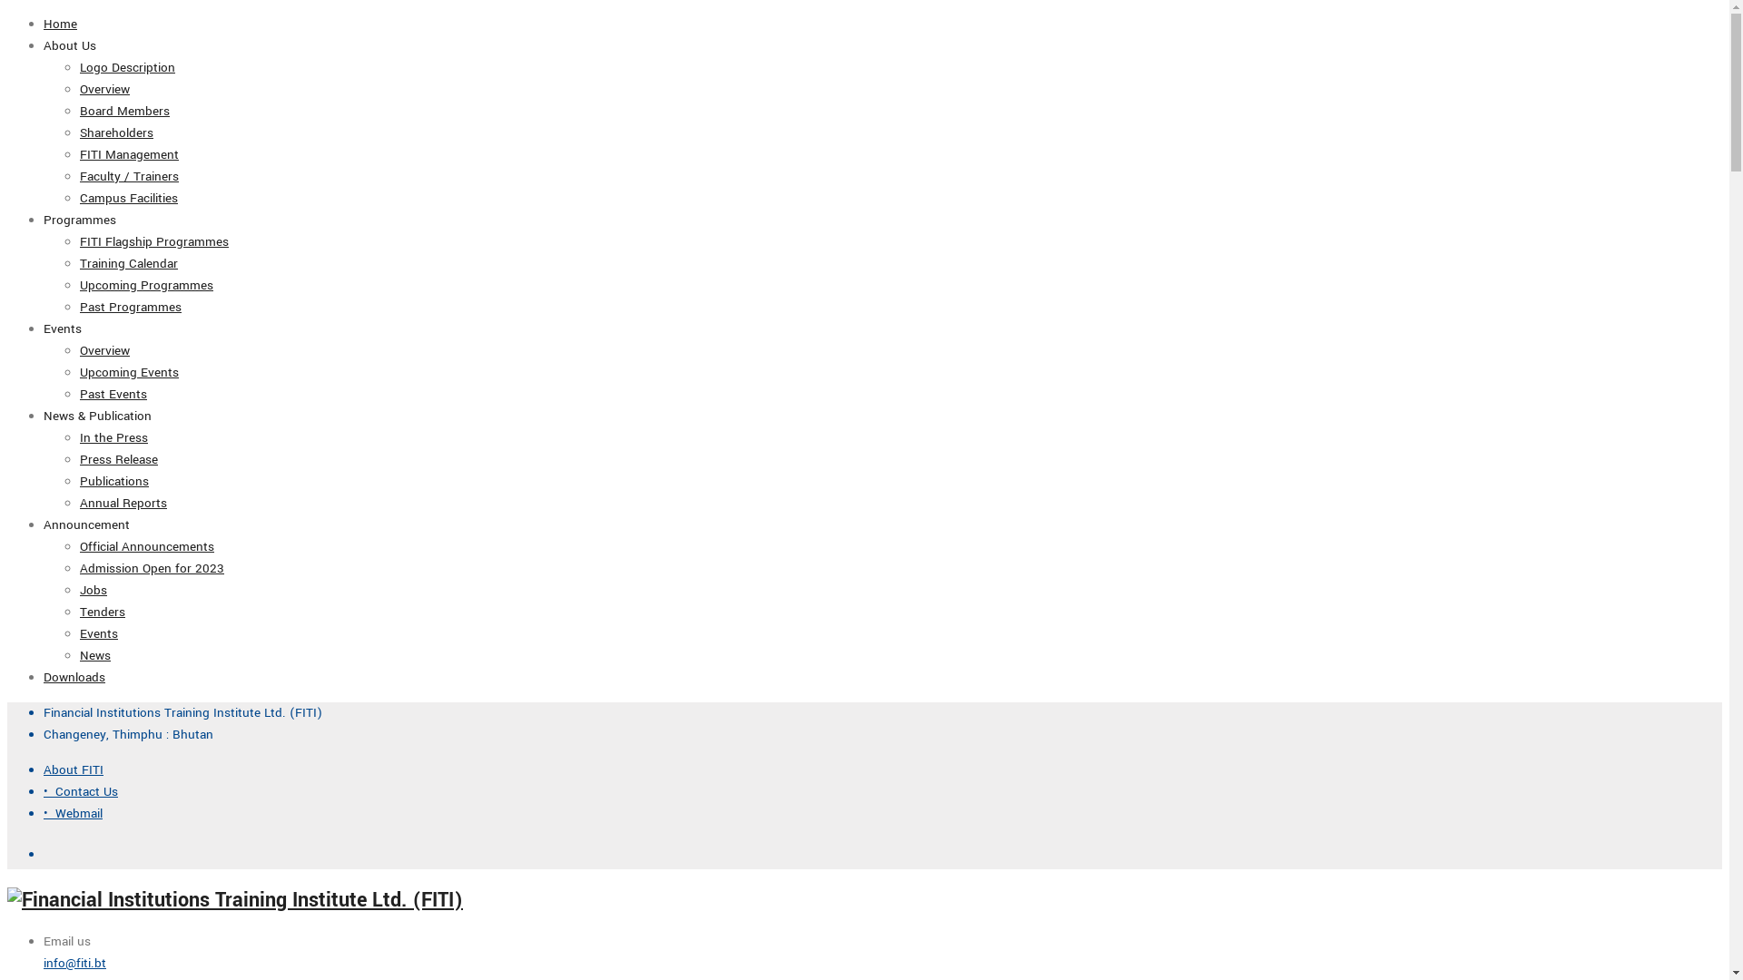 Image resolution: width=1743 pixels, height=980 pixels. What do you see at coordinates (44, 24) in the screenshot?
I see `'Home'` at bounding box center [44, 24].